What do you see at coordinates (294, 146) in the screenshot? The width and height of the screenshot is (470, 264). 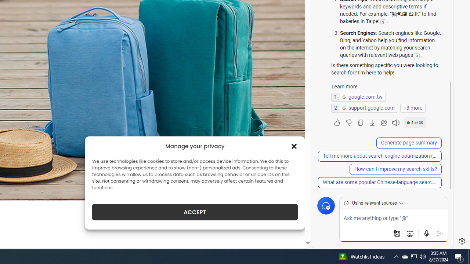 I see `'Class: cmplz-close'` at bounding box center [294, 146].